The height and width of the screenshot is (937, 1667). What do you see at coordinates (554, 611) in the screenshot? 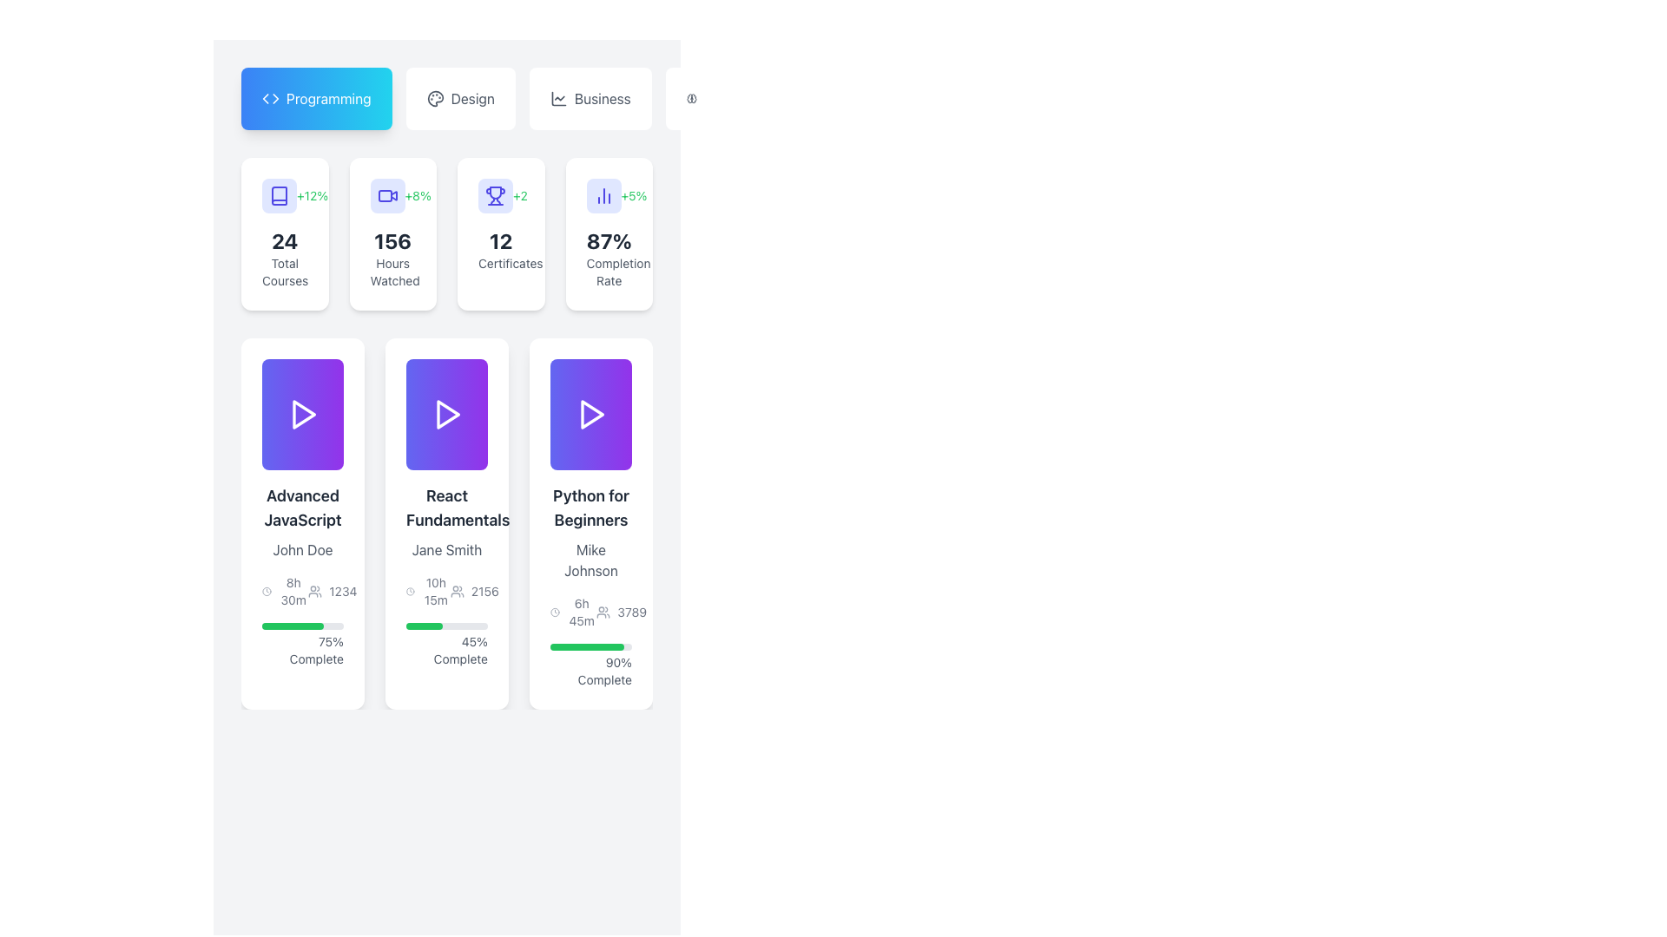
I see `the circular border of the clock icon located in the lower-left corner of the 'Python for Beginners' course card by Mike Johnson` at bounding box center [554, 611].